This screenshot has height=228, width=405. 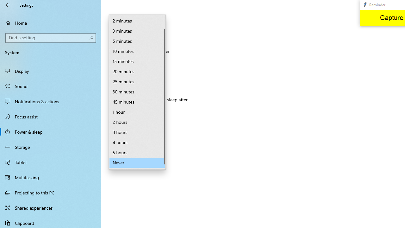 What do you see at coordinates (51, 147) in the screenshot?
I see `'Storage'` at bounding box center [51, 147].